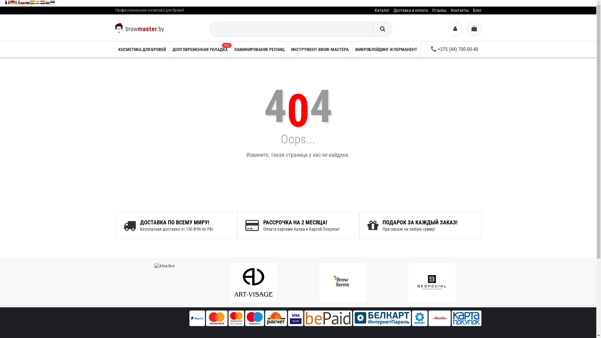  What do you see at coordinates (236, 318) in the screenshot?
I see `'master id check'` at bounding box center [236, 318].